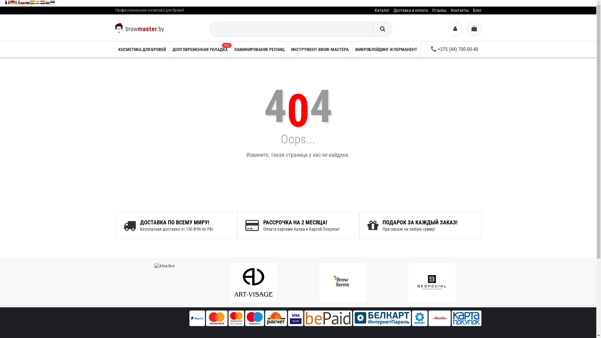  What do you see at coordinates (236, 318) in the screenshot?
I see `'master id check'` at bounding box center [236, 318].